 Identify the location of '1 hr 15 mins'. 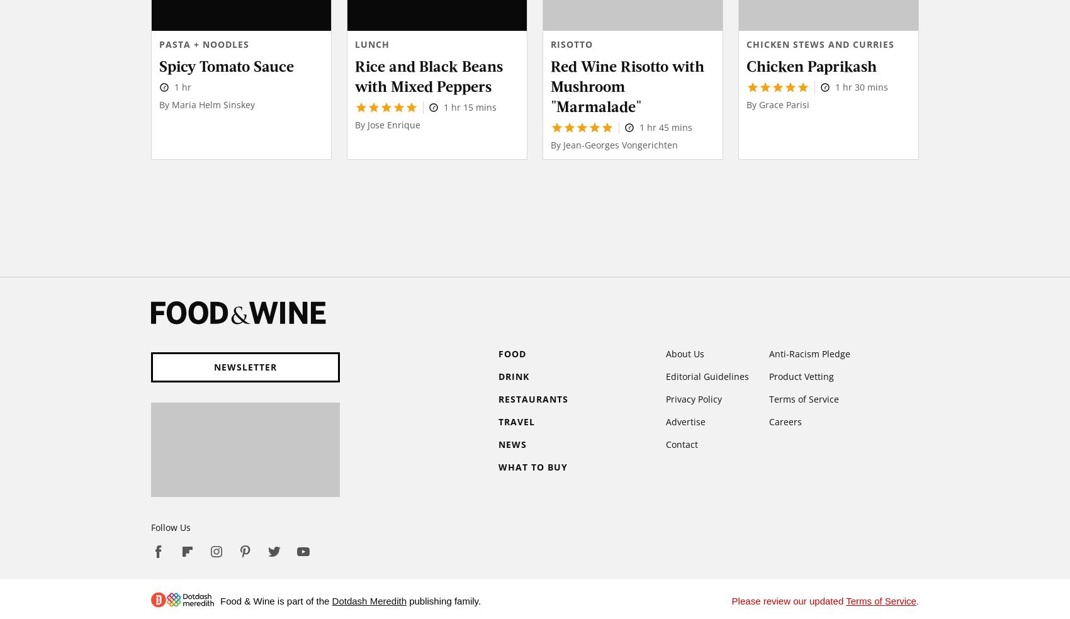
(469, 106).